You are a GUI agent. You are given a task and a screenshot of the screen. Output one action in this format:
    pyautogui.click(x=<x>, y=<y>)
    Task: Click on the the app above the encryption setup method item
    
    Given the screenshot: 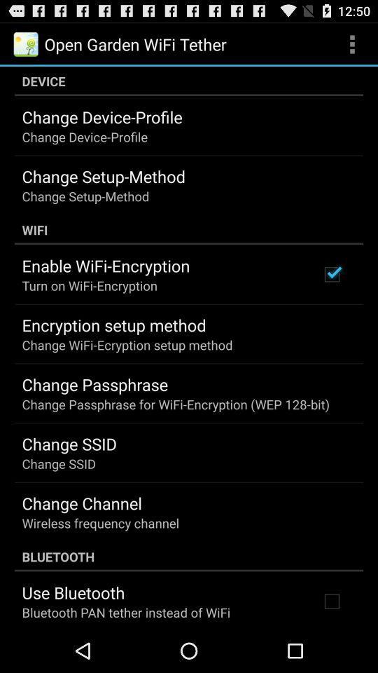 What is the action you would take?
    pyautogui.click(x=90, y=285)
    